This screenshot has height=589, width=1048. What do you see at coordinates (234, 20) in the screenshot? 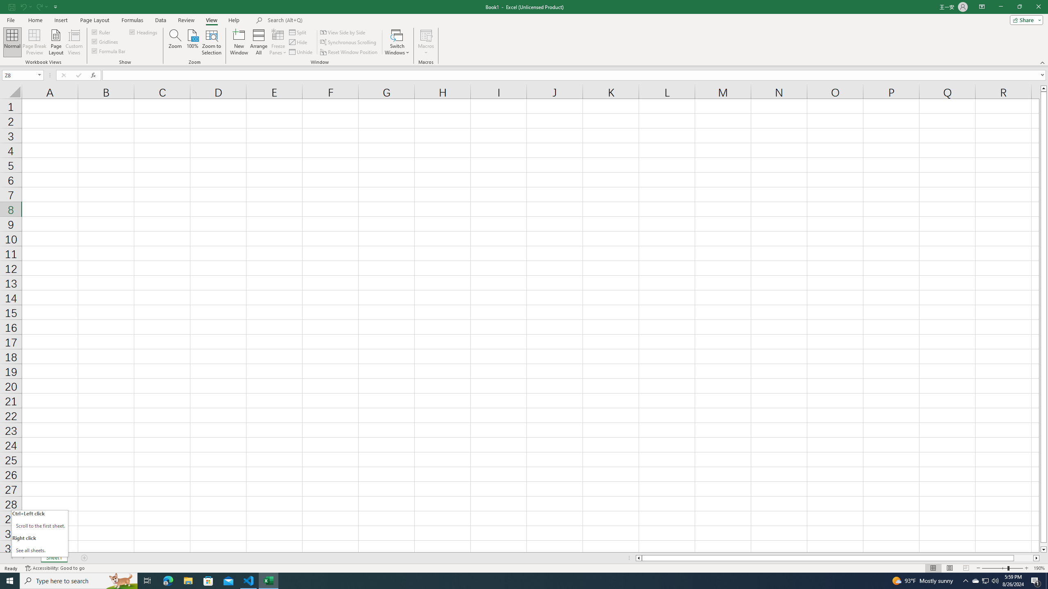
I see `'Help'` at bounding box center [234, 20].